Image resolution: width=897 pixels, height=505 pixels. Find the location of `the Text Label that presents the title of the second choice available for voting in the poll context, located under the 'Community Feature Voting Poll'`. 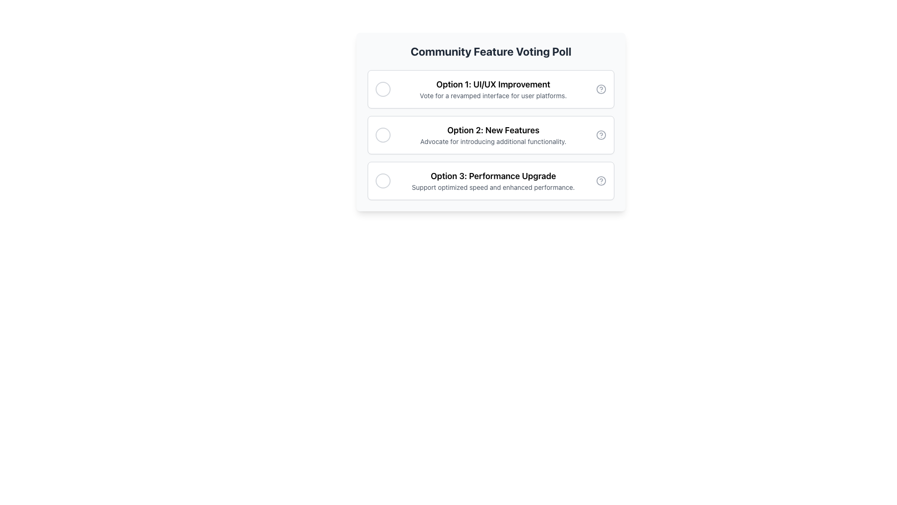

the Text Label that presents the title of the second choice available for voting in the poll context, located under the 'Community Feature Voting Poll' is located at coordinates (493, 130).